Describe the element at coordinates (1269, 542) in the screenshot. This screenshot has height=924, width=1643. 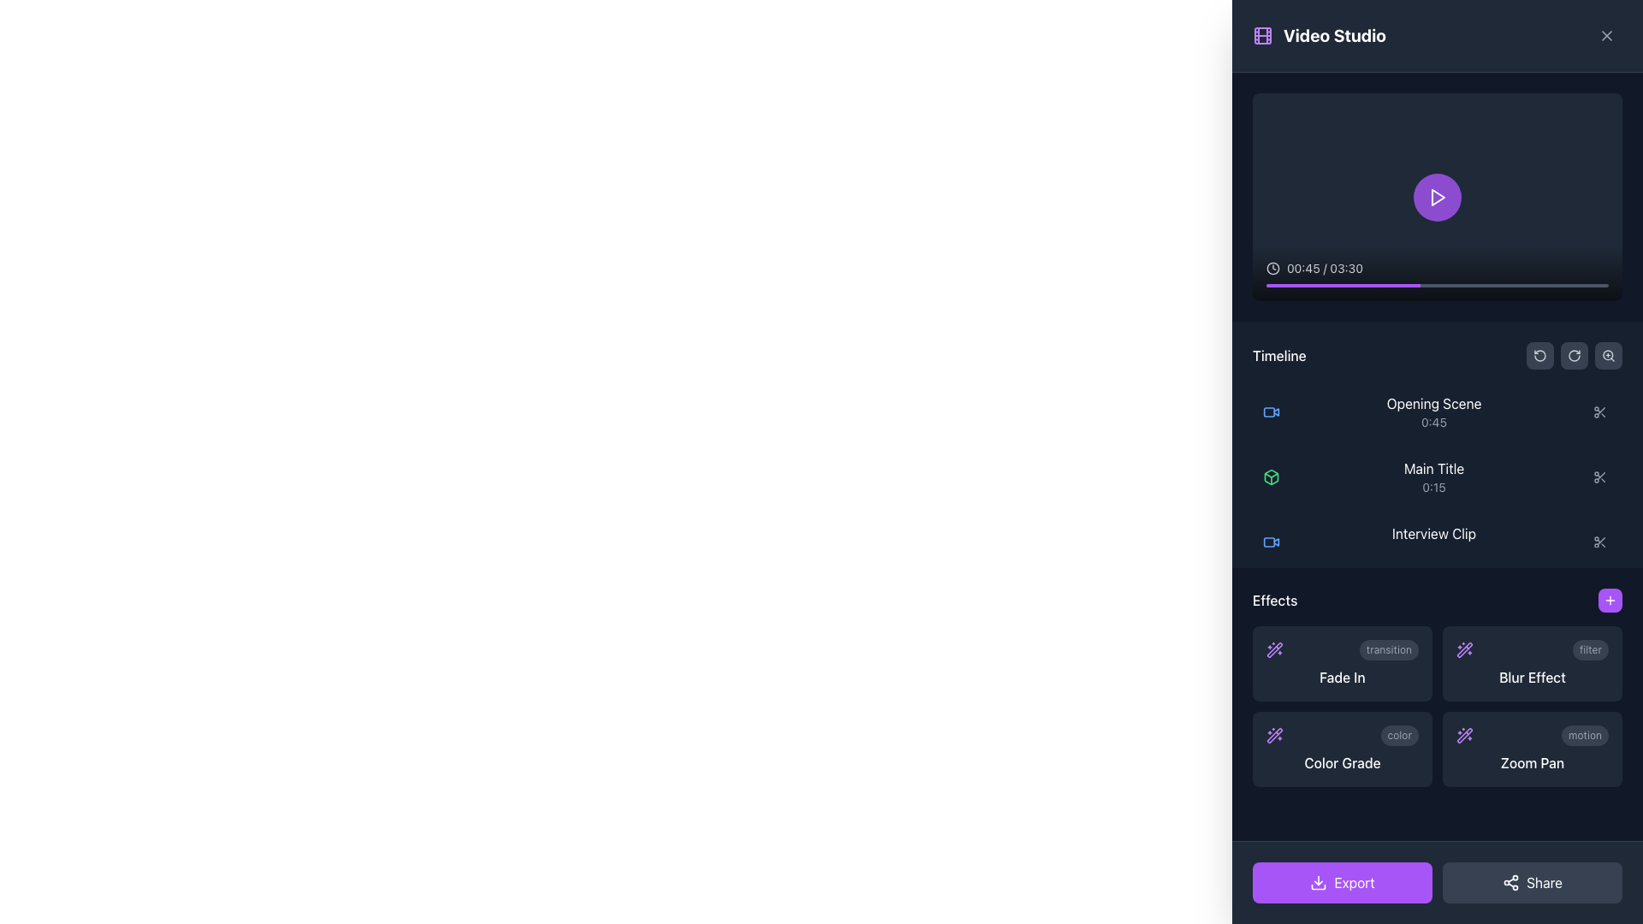
I see `the rectangular shape with a rounded border that is part of the video-related icon in the 'Timeline' section of the interface` at that location.